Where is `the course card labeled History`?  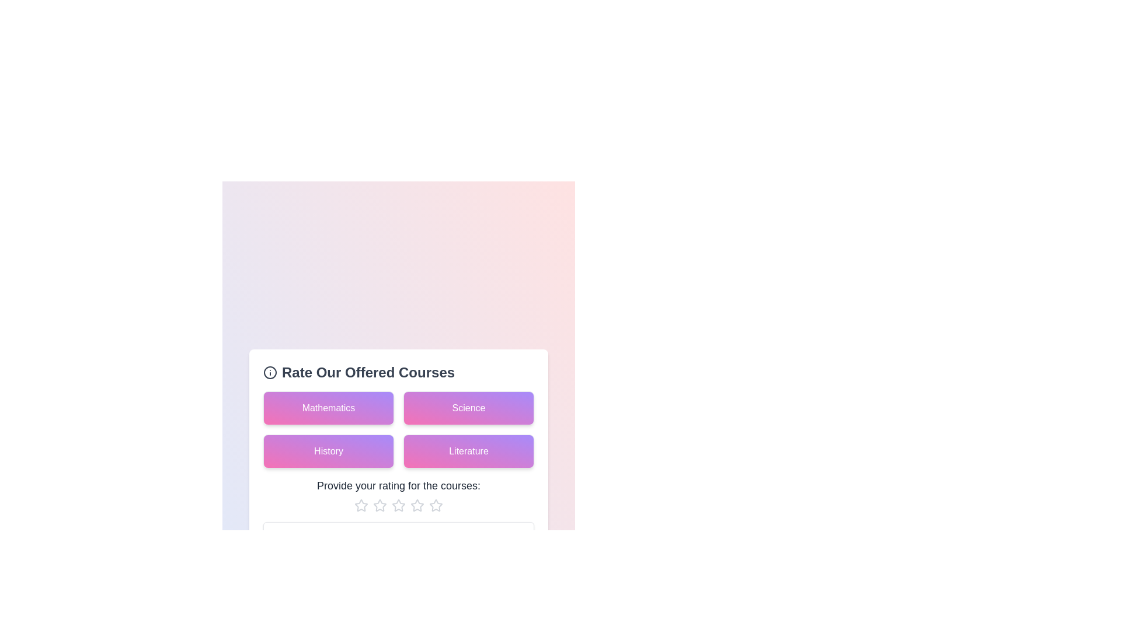
the course card labeled History is located at coordinates (328, 450).